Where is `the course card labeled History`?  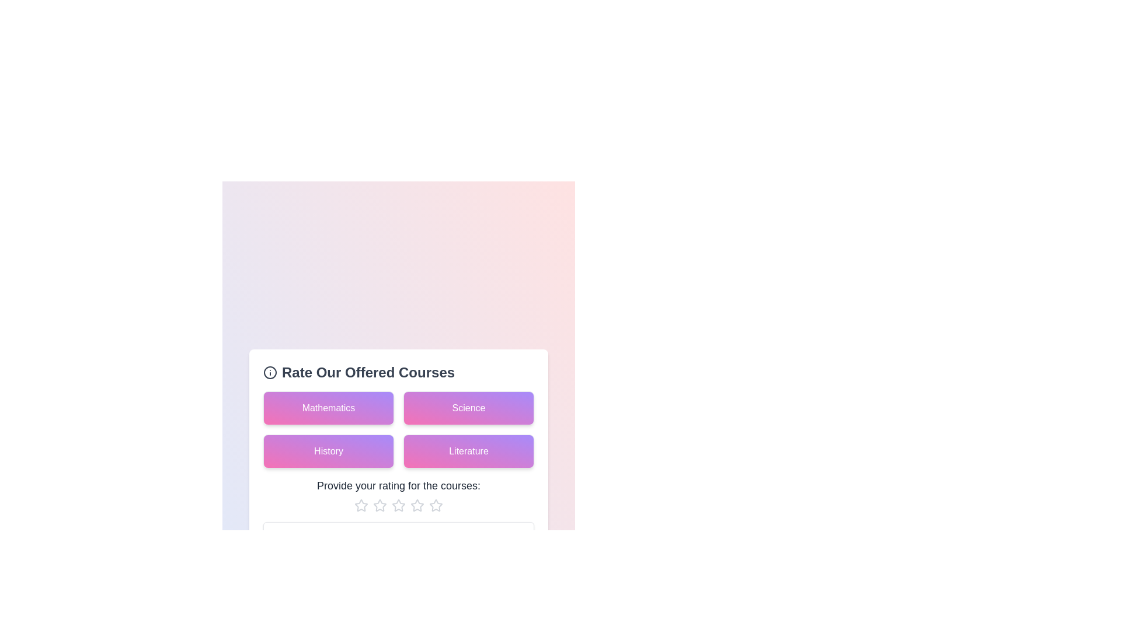
the course card labeled History is located at coordinates (328, 450).